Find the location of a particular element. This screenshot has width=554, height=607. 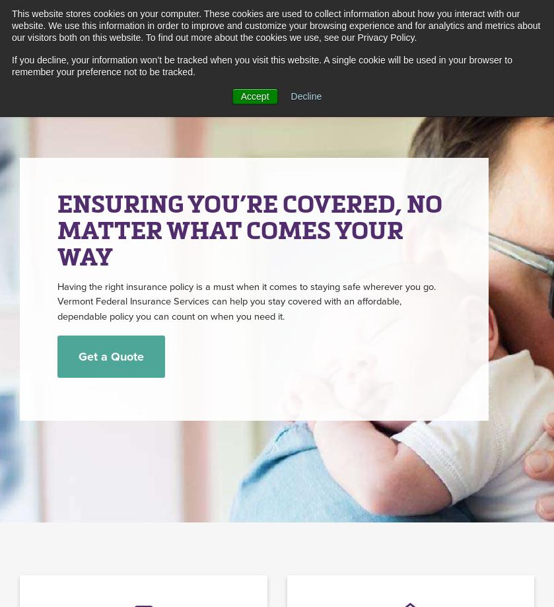

'Get a Quote' is located at coordinates (110, 356).